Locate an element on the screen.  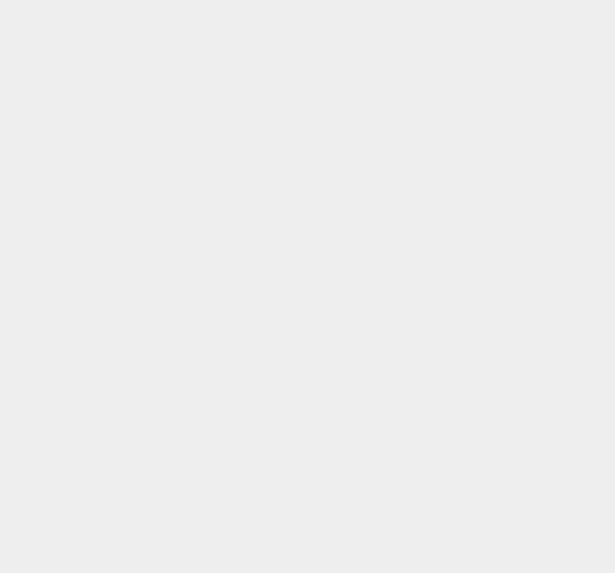
'Toshiba Satellite' is located at coordinates (462, 267).